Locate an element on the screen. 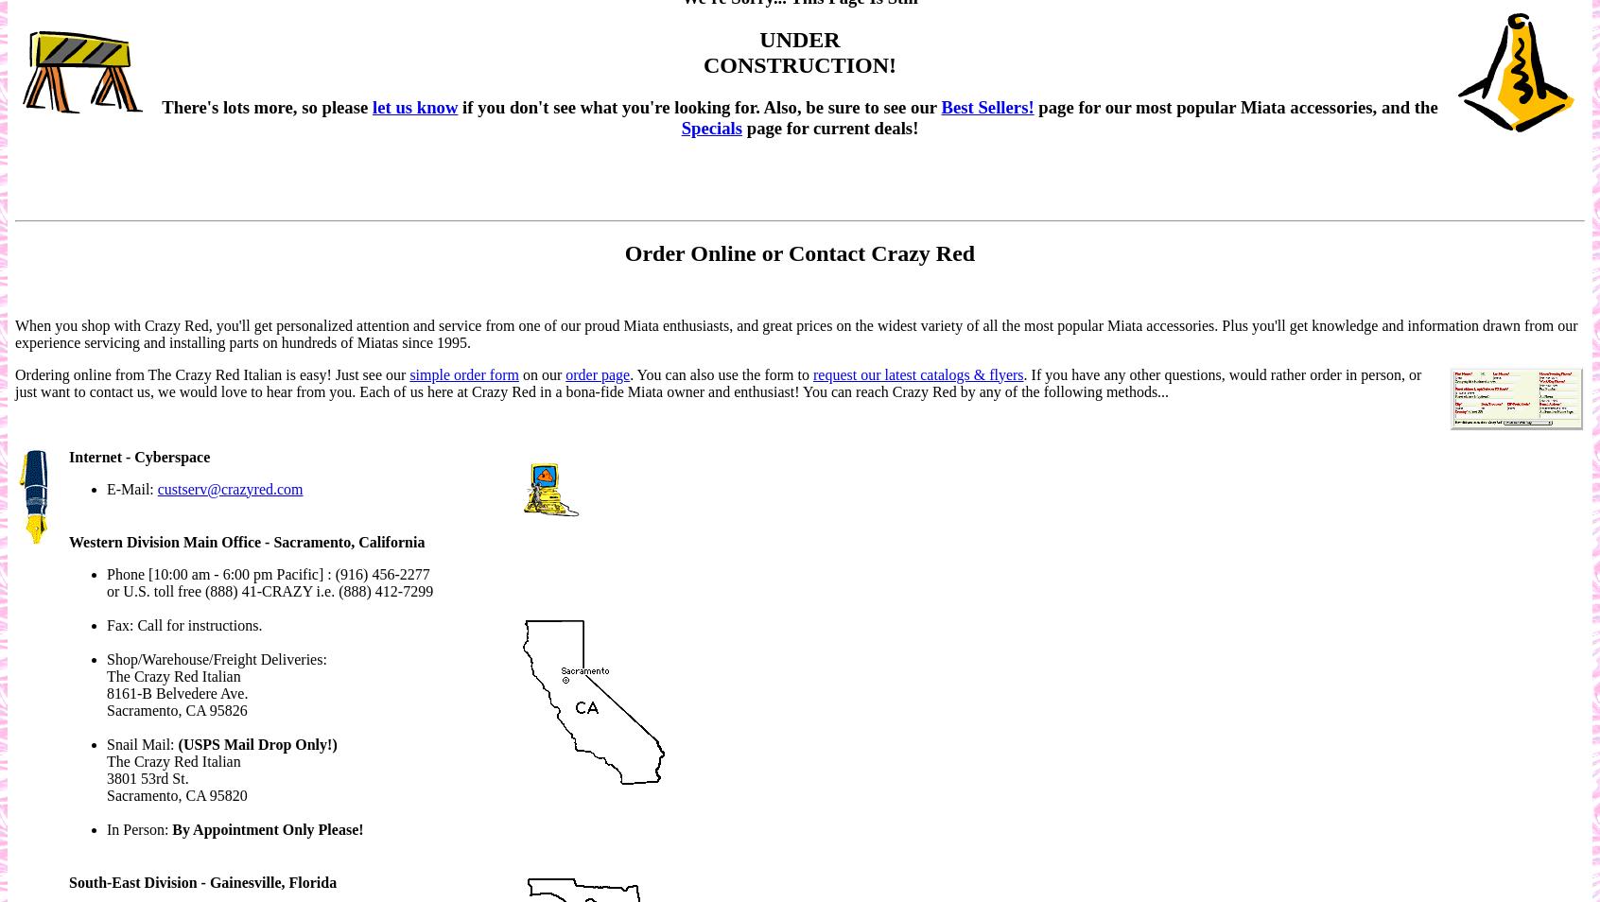  'or U.S. toll free (888) 41-CRAZY i.e. (888) 412-7299' is located at coordinates (269, 589).